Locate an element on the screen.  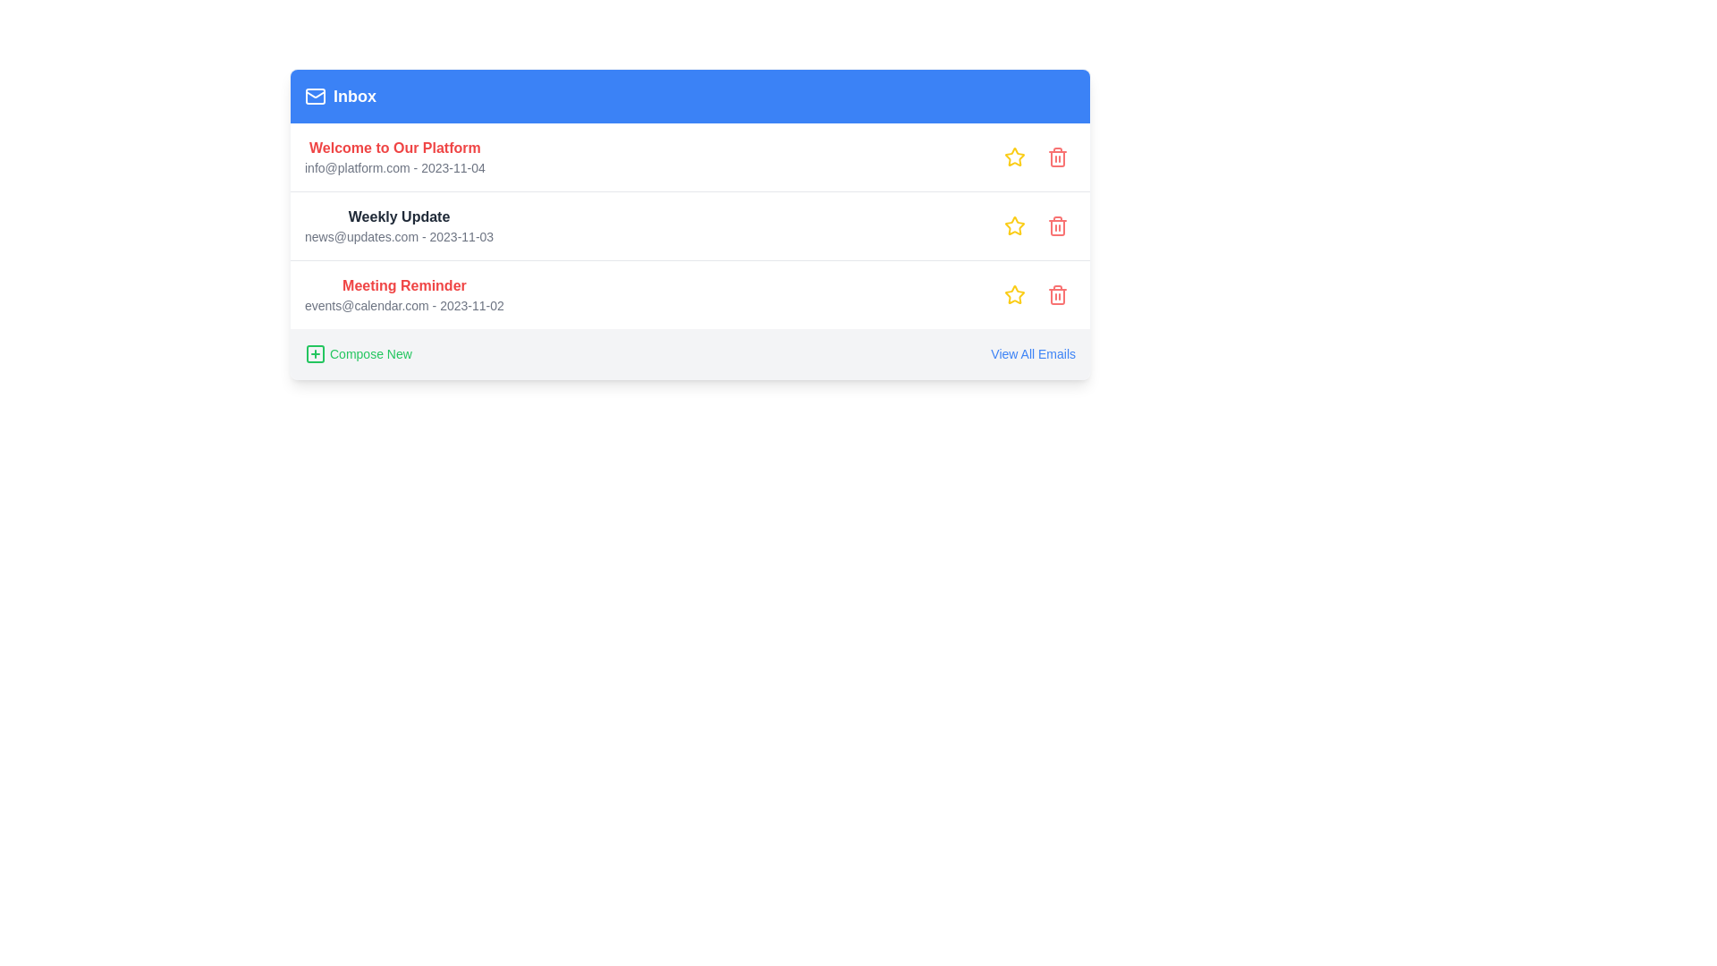
on the second email panel labeled 'Weekly Update' containing the email 'news@updates.com' is located at coordinates (689, 225).